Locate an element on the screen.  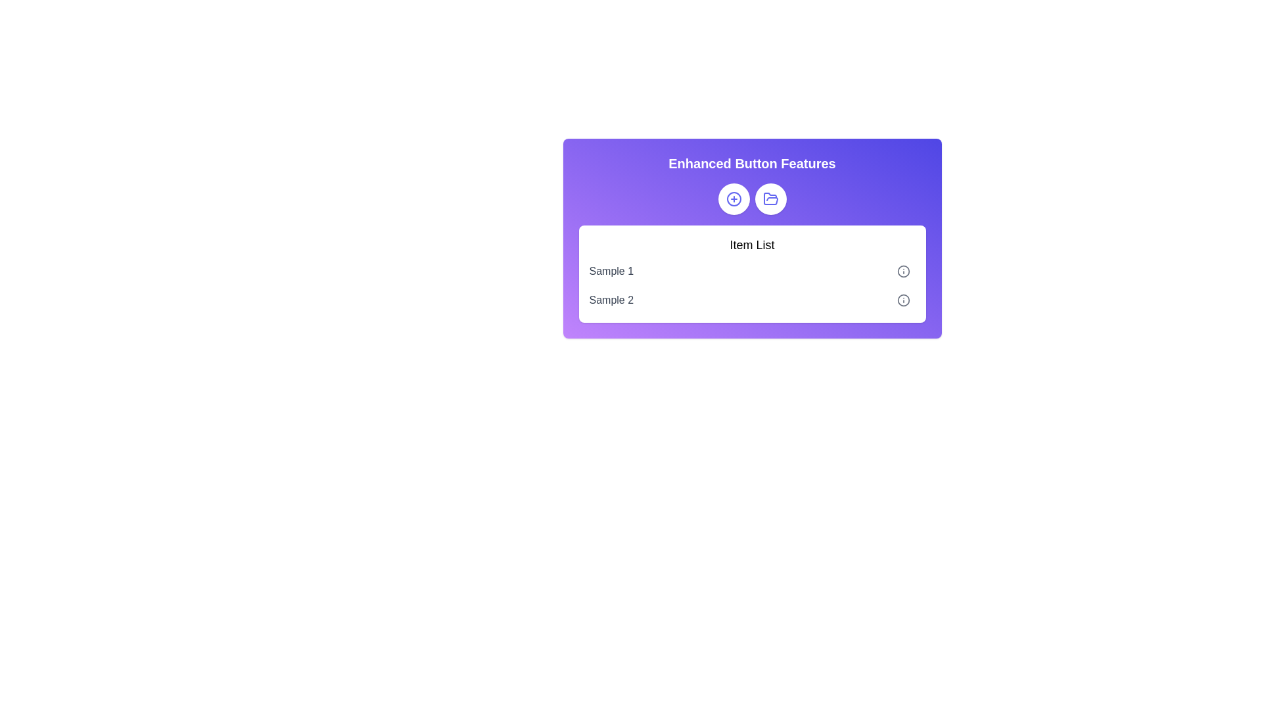
the circular button with a folder icon and blue outline located at the top of the card labeled 'Enhanced Button Features' is located at coordinates (770, 199).